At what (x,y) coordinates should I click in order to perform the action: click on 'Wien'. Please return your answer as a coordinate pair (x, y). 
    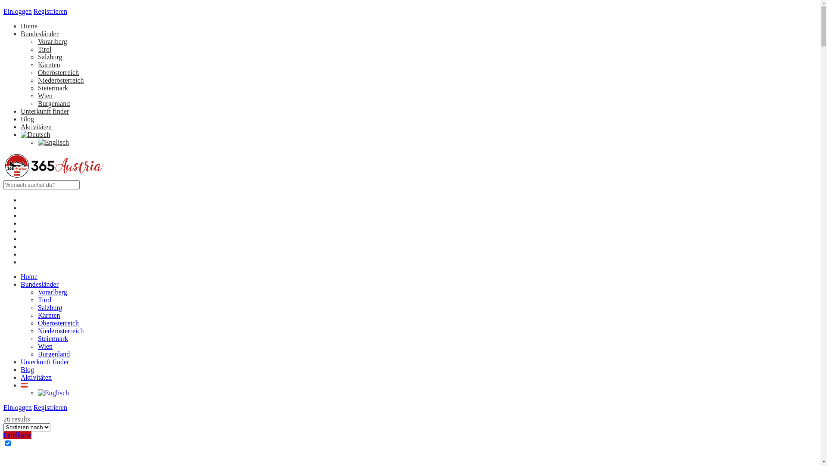
    Looking at the image, I should click on (45, 327).